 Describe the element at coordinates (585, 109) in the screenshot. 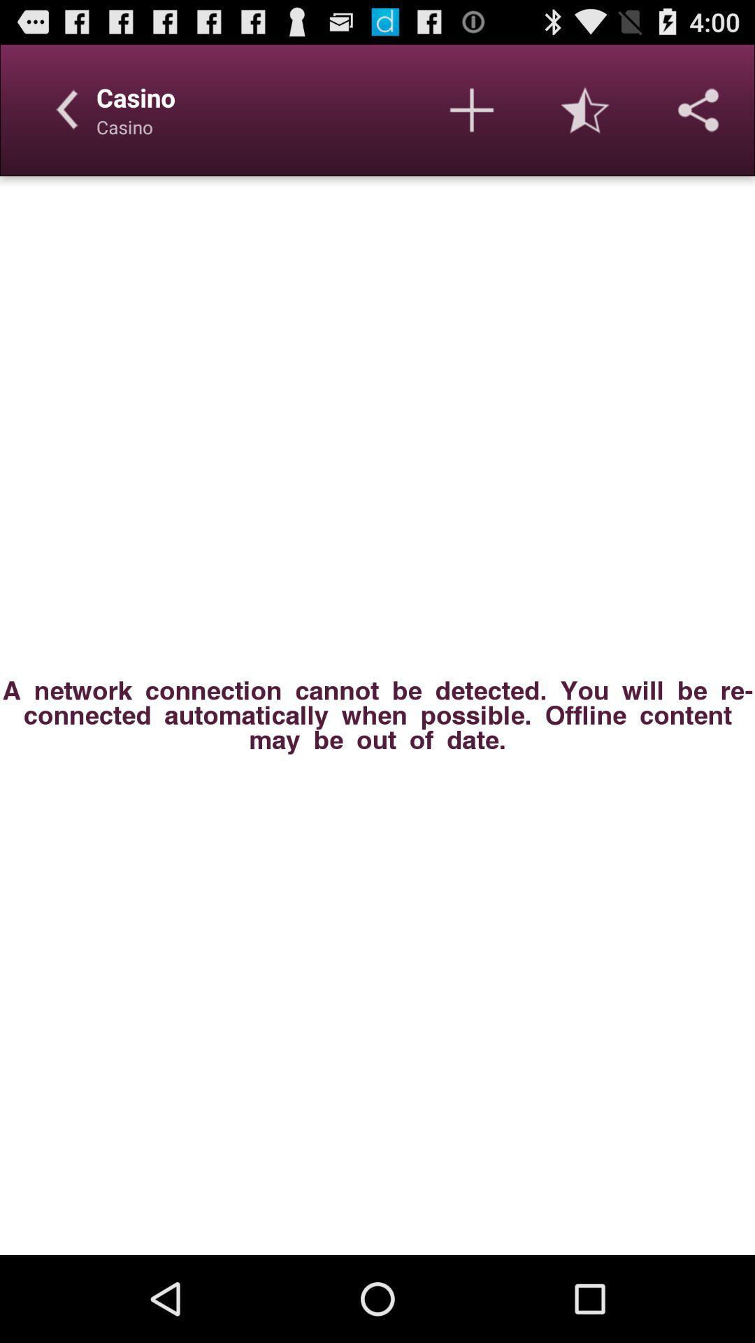

I see `star` at that location.